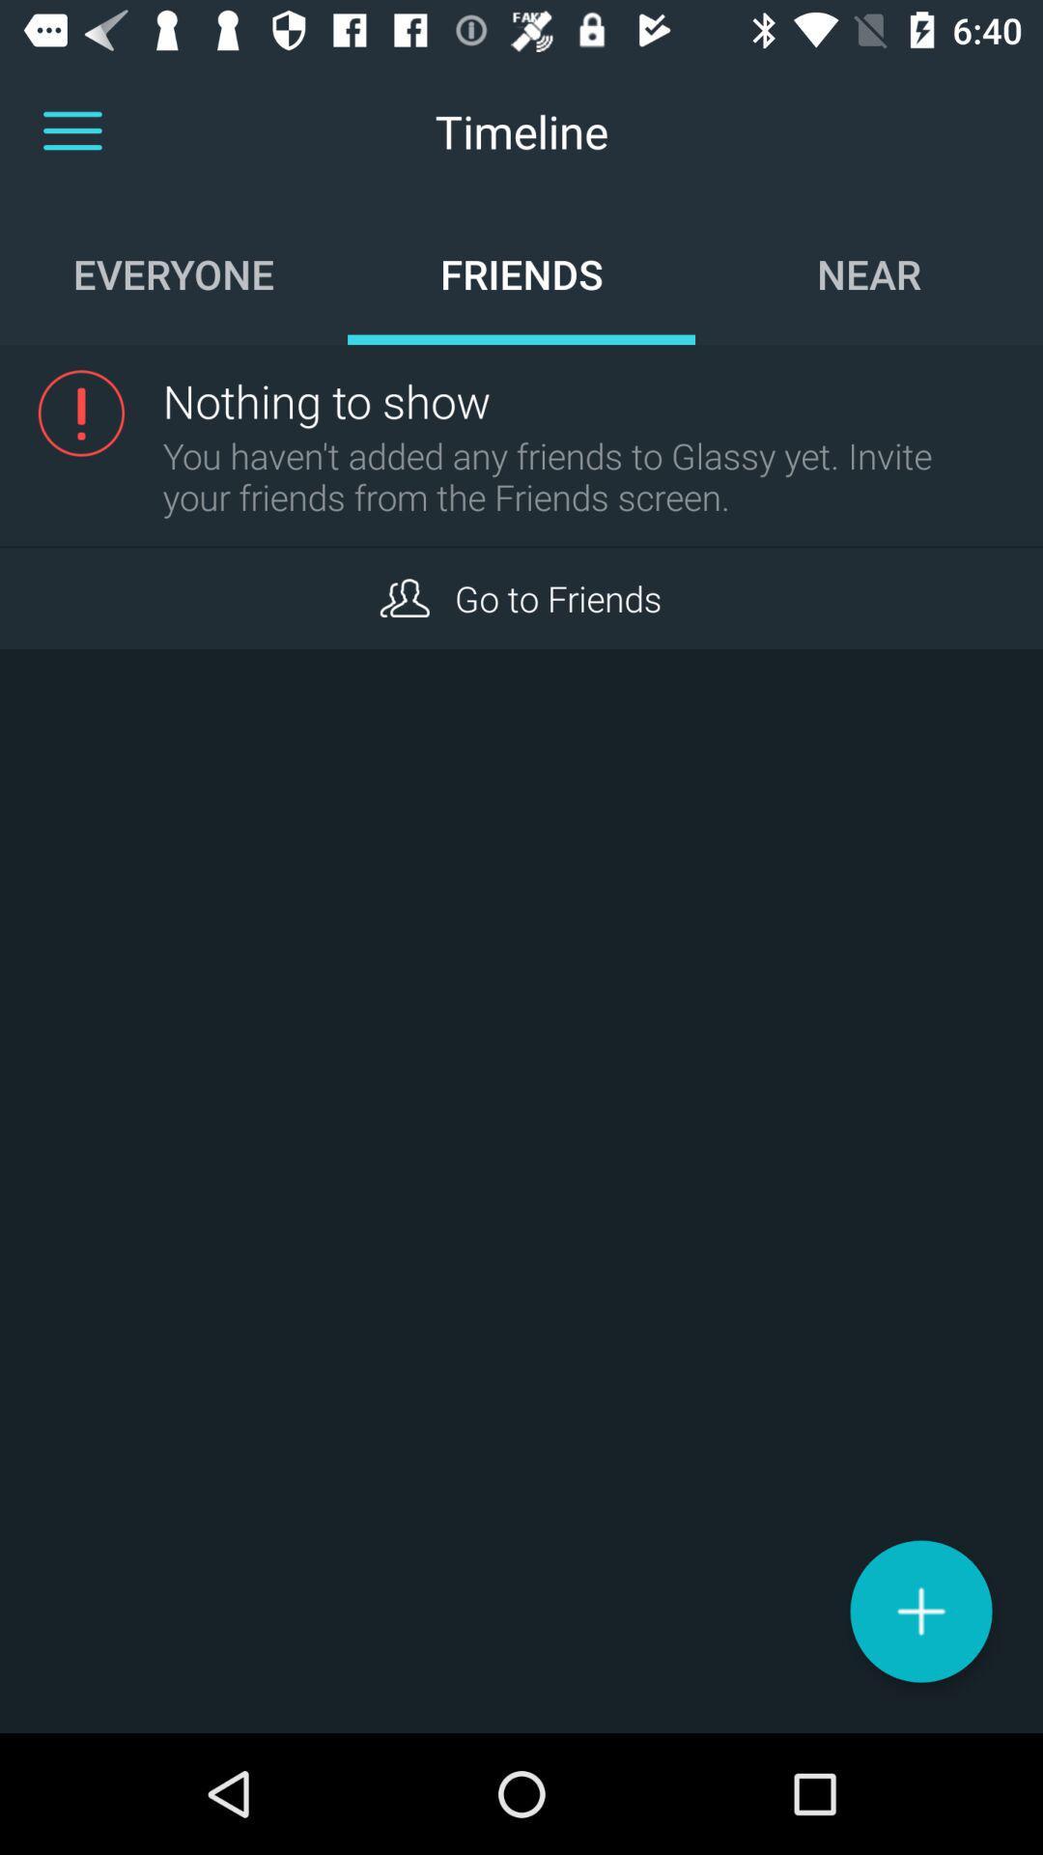 The width and height of the screenshot is (1043, 1855). What do you see at coordinates (919, 1611) in the screenshot?
I see `post to timeline` at bounding box center [919, 1611].